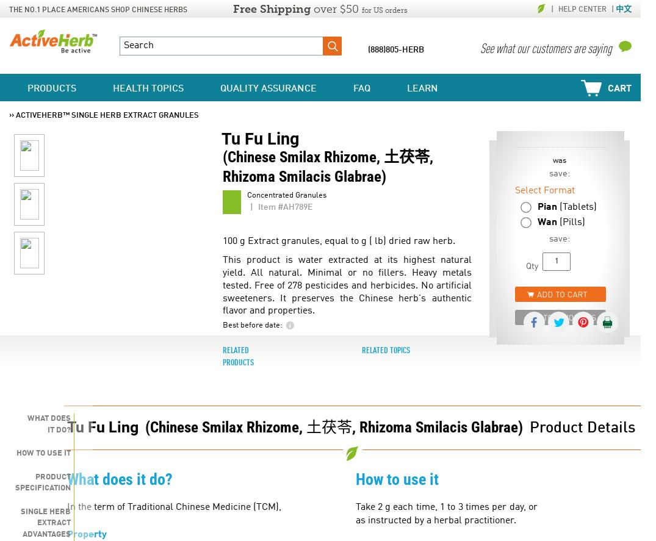 The image size is (656, 541). I want to click on 'Quality Assurance', so click(267, 89).